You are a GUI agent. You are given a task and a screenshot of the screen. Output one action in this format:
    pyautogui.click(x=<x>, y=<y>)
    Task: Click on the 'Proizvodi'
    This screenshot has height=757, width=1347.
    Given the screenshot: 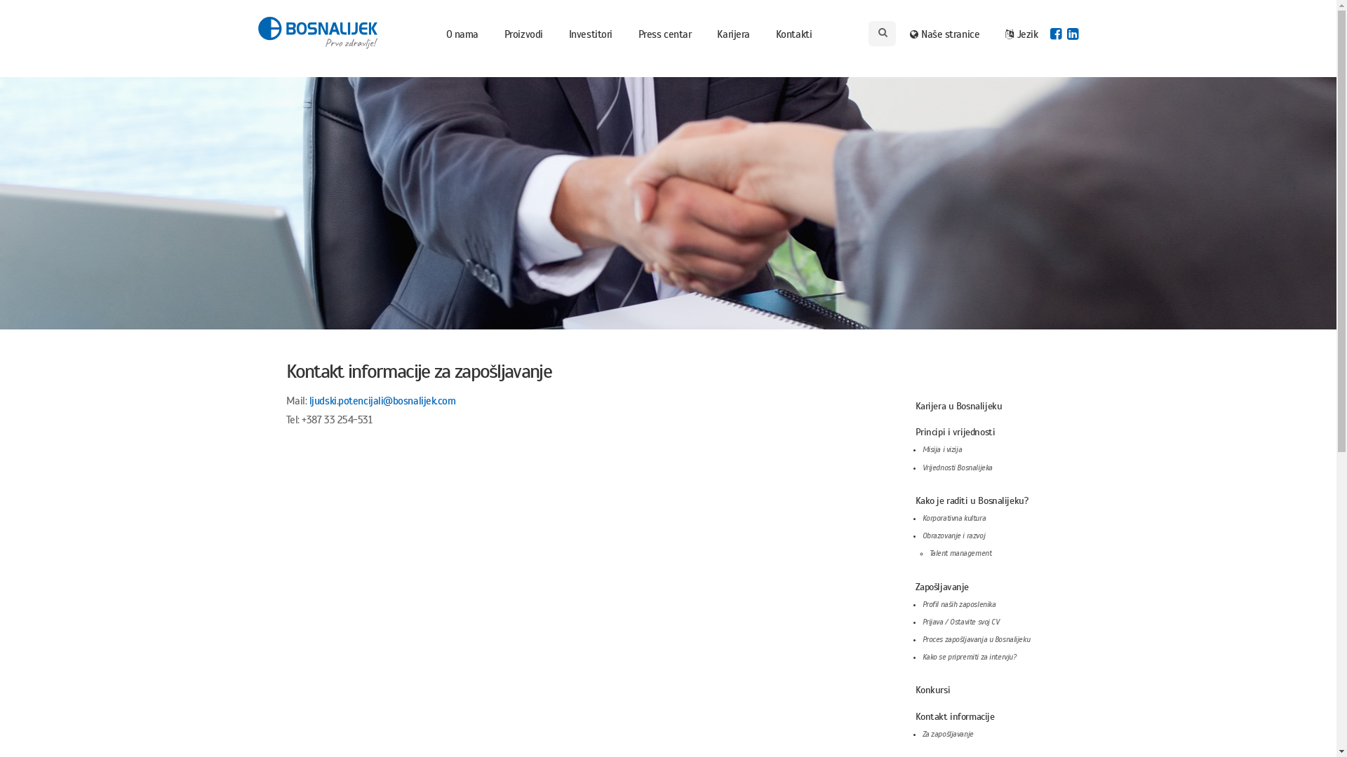 What is the action you would take?
    pyautogui.click(x=523, y=34)
    